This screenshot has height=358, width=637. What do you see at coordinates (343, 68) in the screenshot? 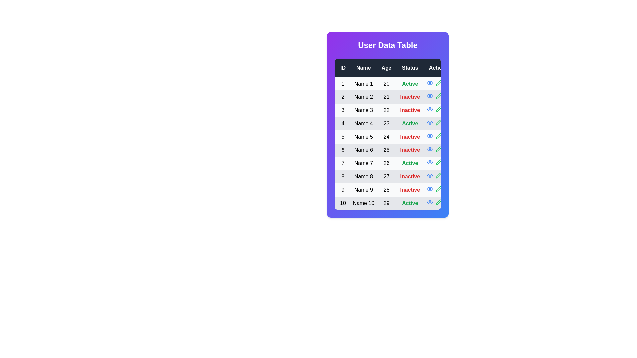
I see `the header ID to sort the table by that column` at bounding box center [343, 68].